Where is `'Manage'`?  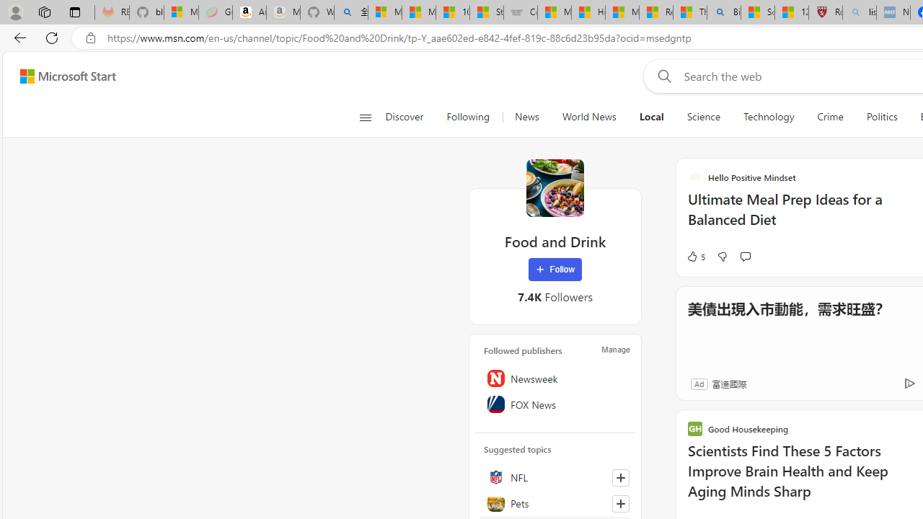
'Manage' is located at coordinates (616, 349).